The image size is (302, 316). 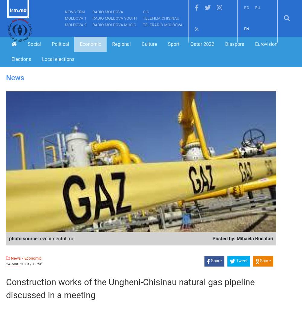 What do you see at coordinates (143, 24) in the screenshot?
I see `'Teleradio Moldova'` at bounding box center [143, 24].